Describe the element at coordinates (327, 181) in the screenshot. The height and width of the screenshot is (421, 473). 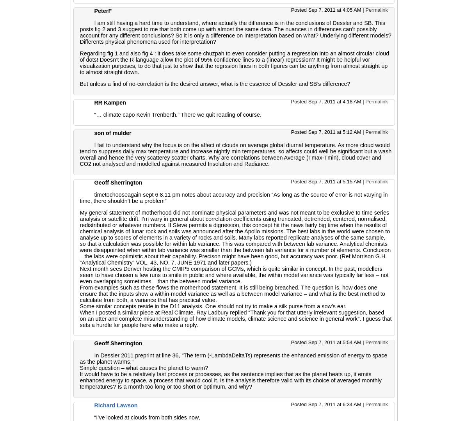
I see `'Posted Sep 7, 2011 at 5:15 AM'` at that location.